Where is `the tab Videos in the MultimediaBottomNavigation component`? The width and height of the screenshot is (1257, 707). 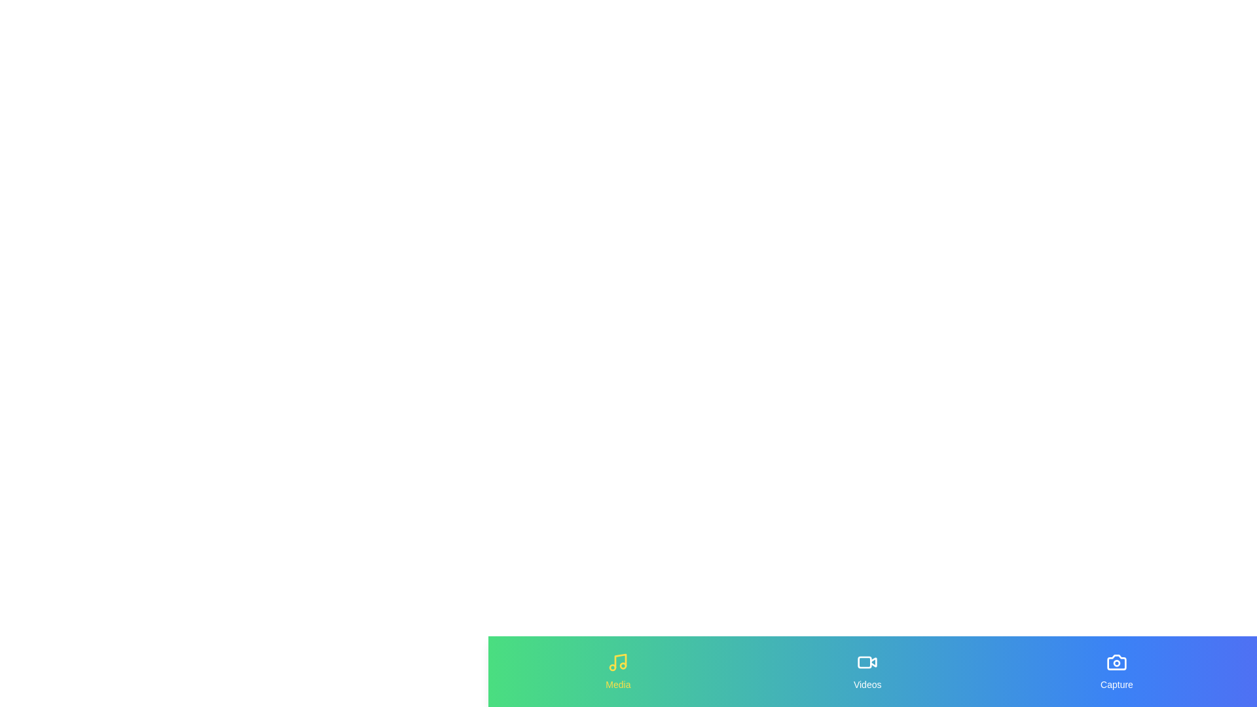
the tab Videos in the MultimediaBottomNavigation component is located at coordinates (867, 672).